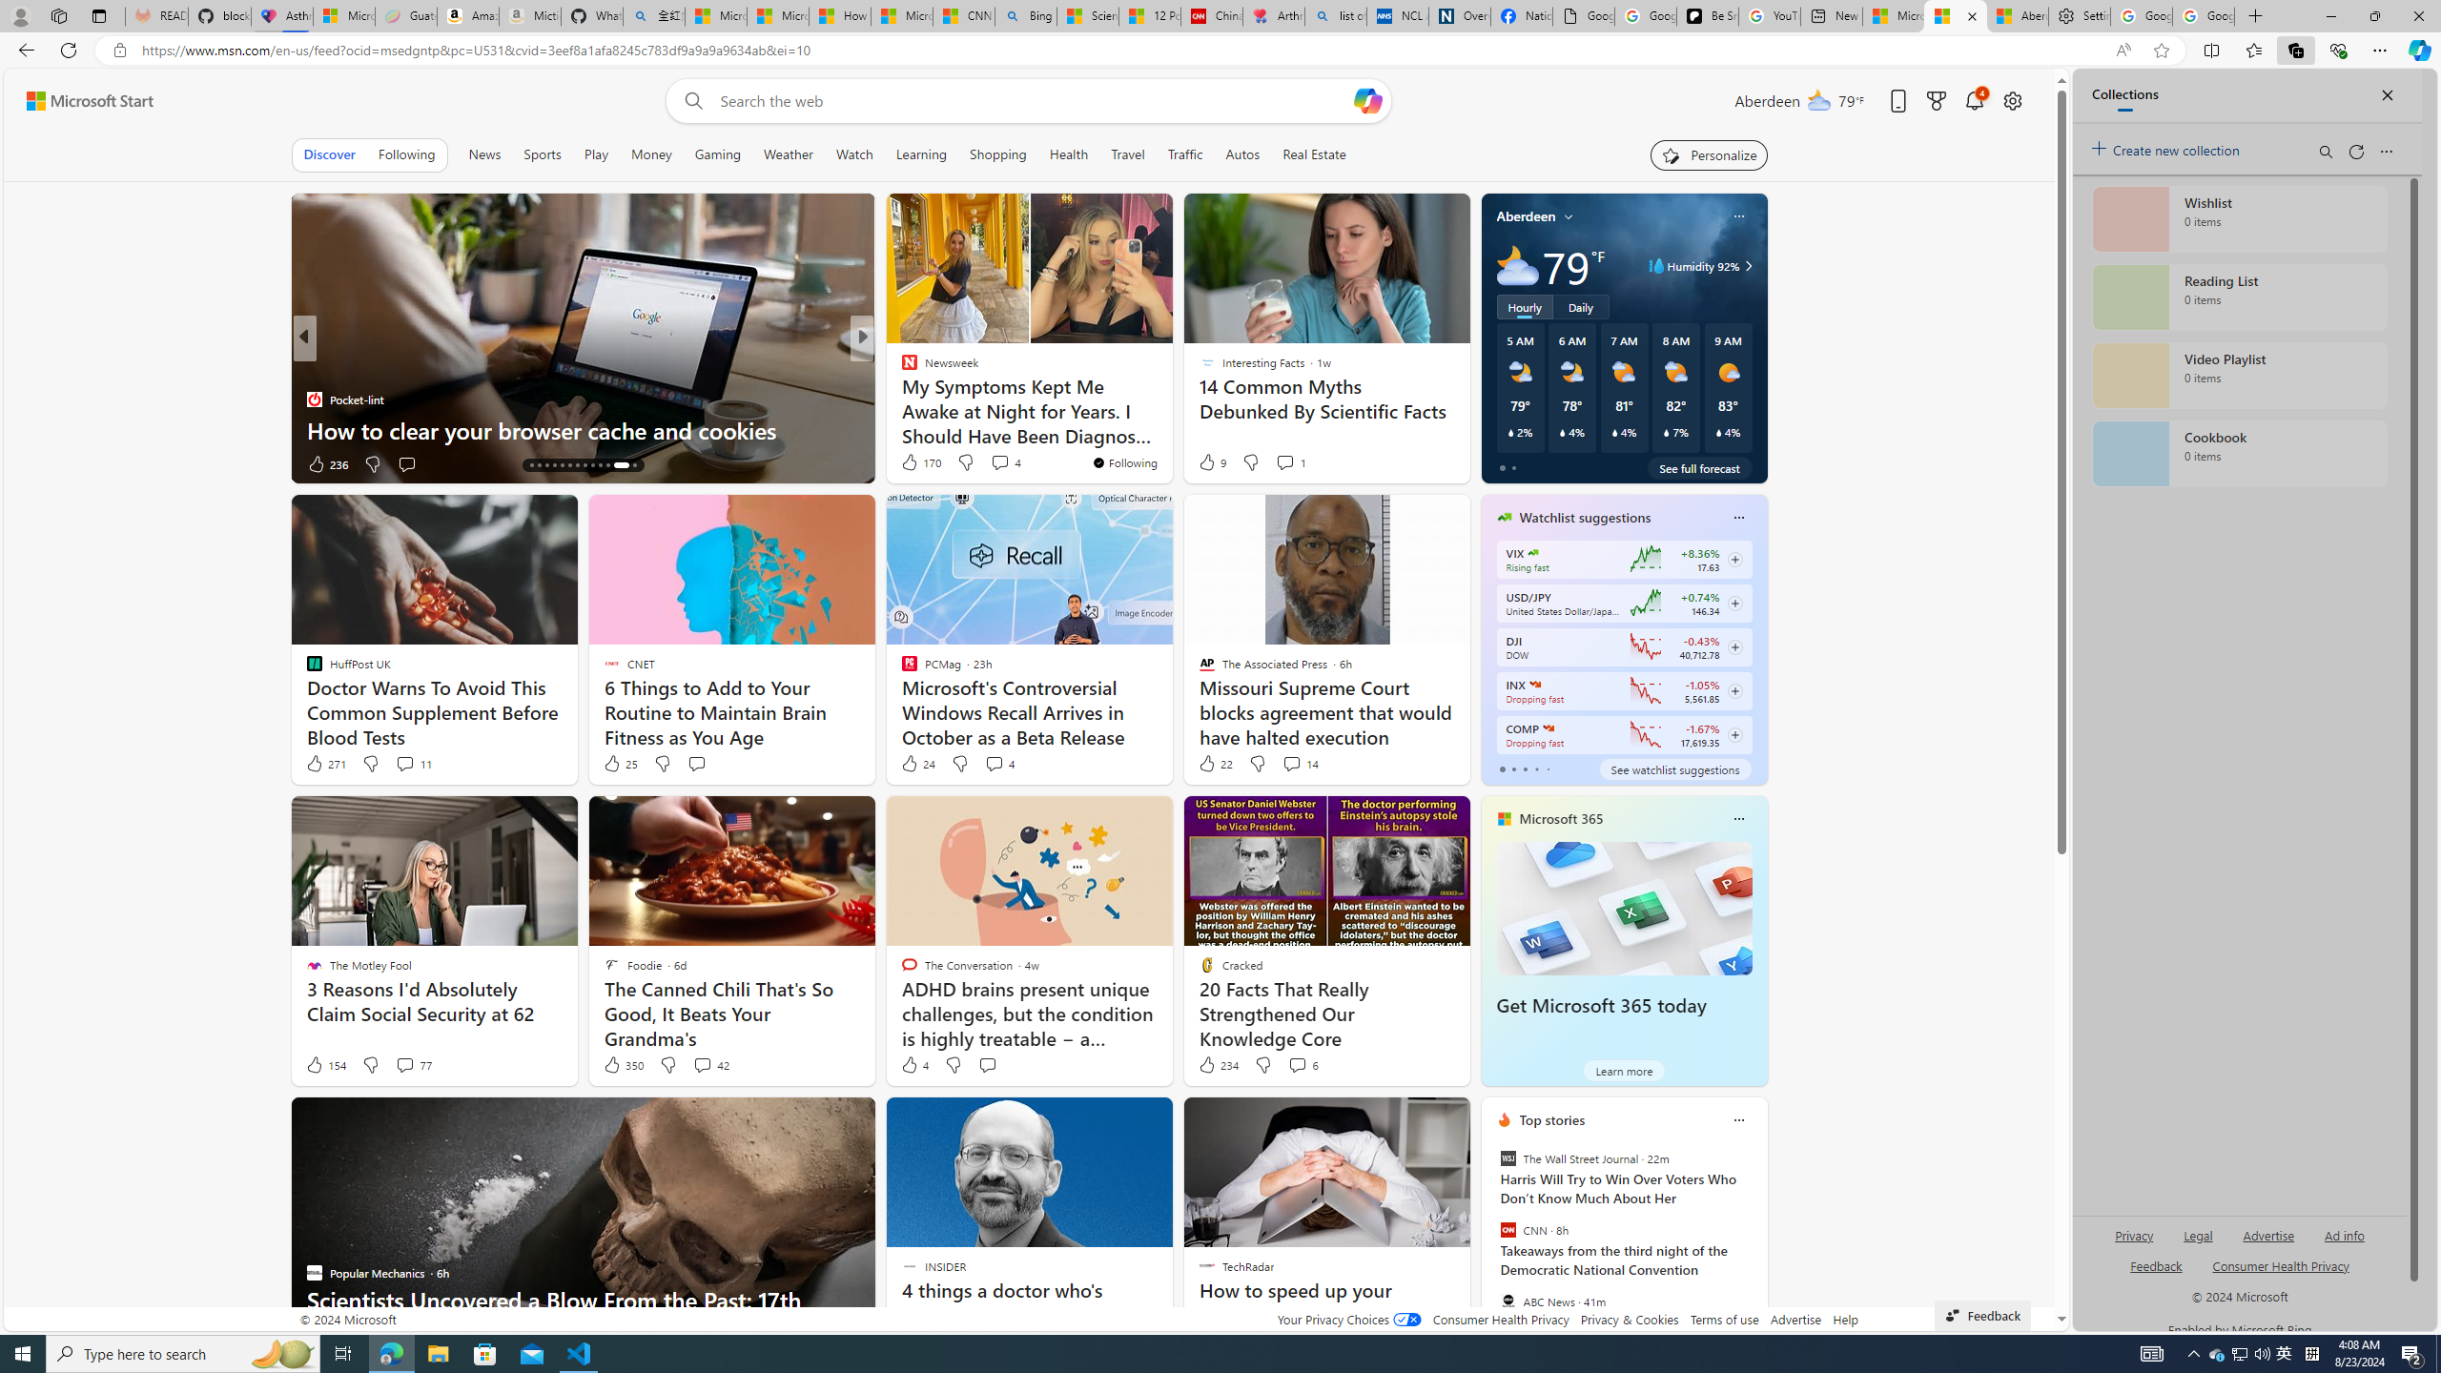  I want to click on 'Start the conversation', so click(987, 1063).